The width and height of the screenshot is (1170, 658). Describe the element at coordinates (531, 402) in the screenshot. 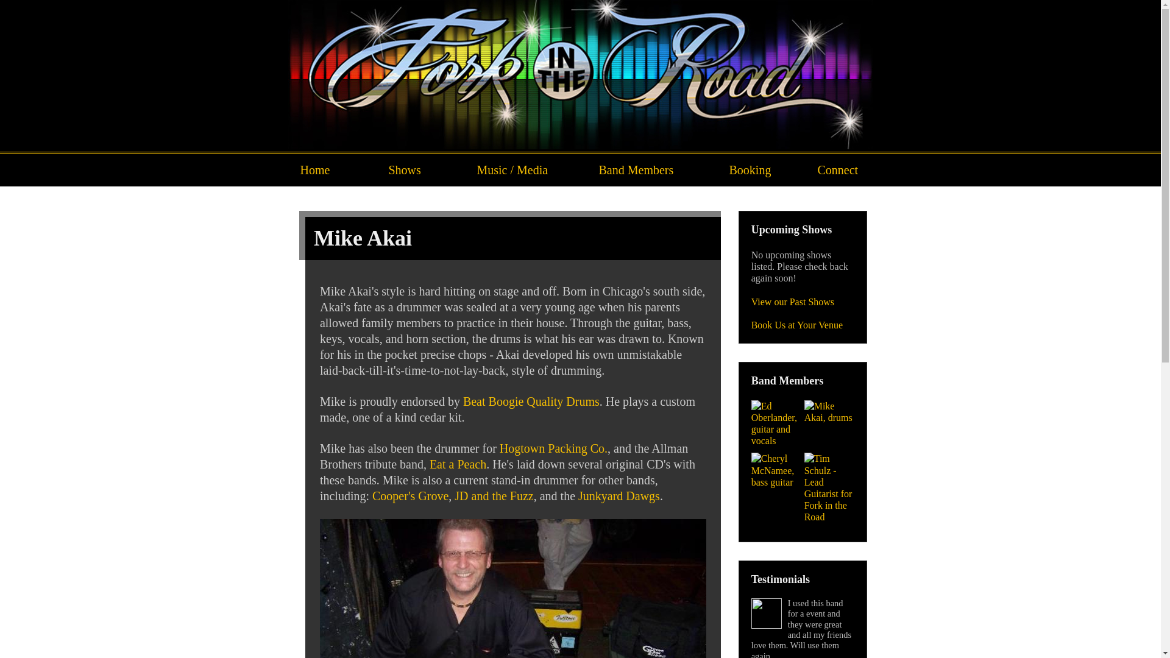

I see `'Beat Boogie Quality Drums'` at that location.